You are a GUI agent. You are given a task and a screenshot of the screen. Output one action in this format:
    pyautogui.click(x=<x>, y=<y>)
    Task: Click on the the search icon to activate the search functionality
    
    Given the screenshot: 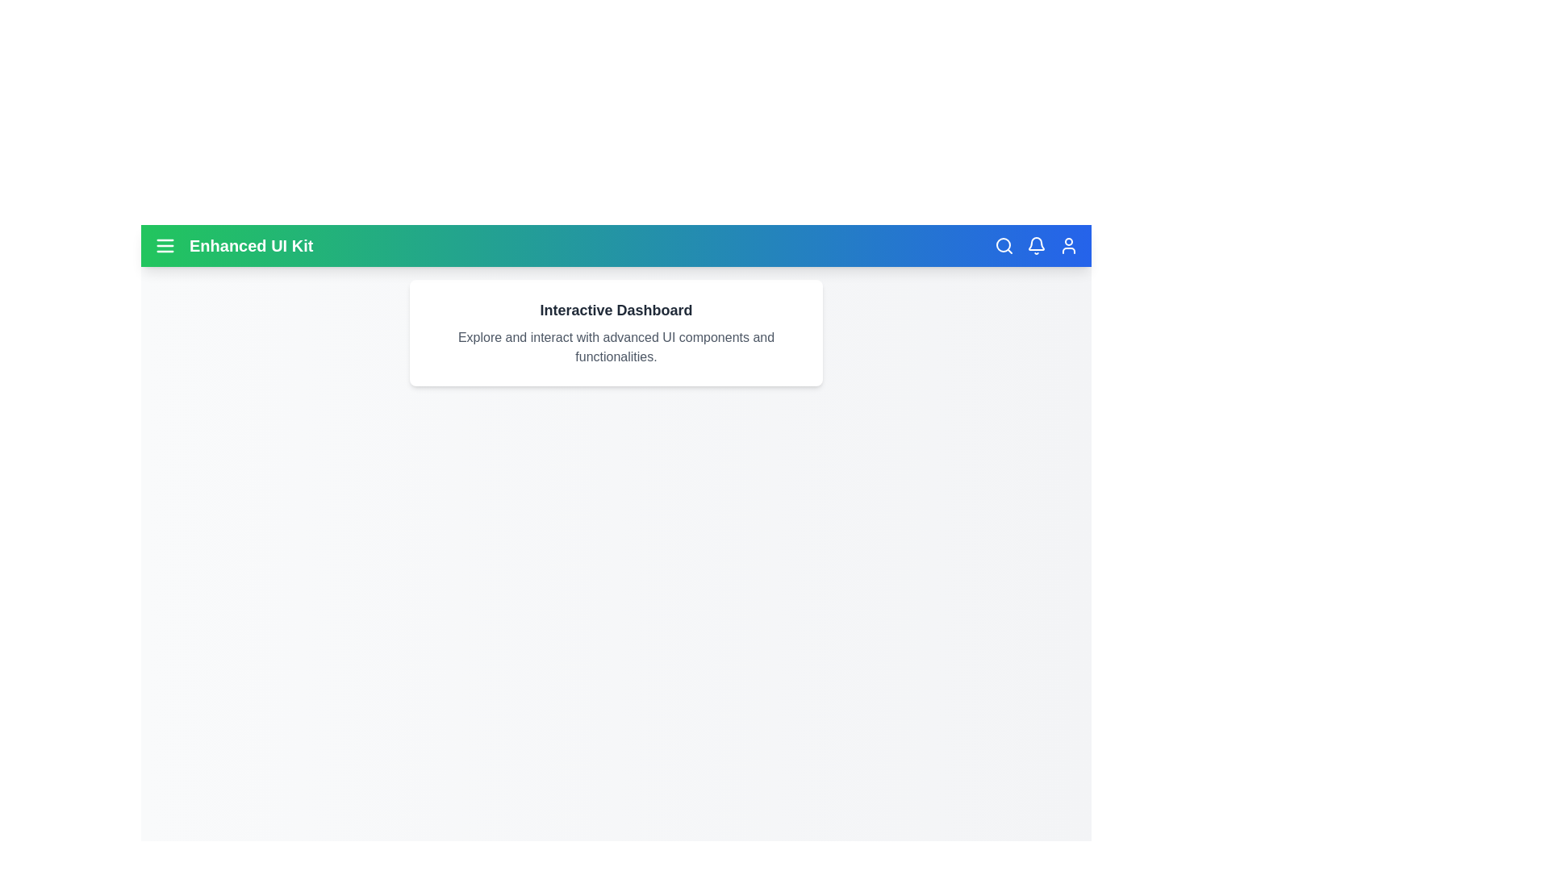 What is the action you would take?
    pyautogui.click(x=1003, y=245)
    